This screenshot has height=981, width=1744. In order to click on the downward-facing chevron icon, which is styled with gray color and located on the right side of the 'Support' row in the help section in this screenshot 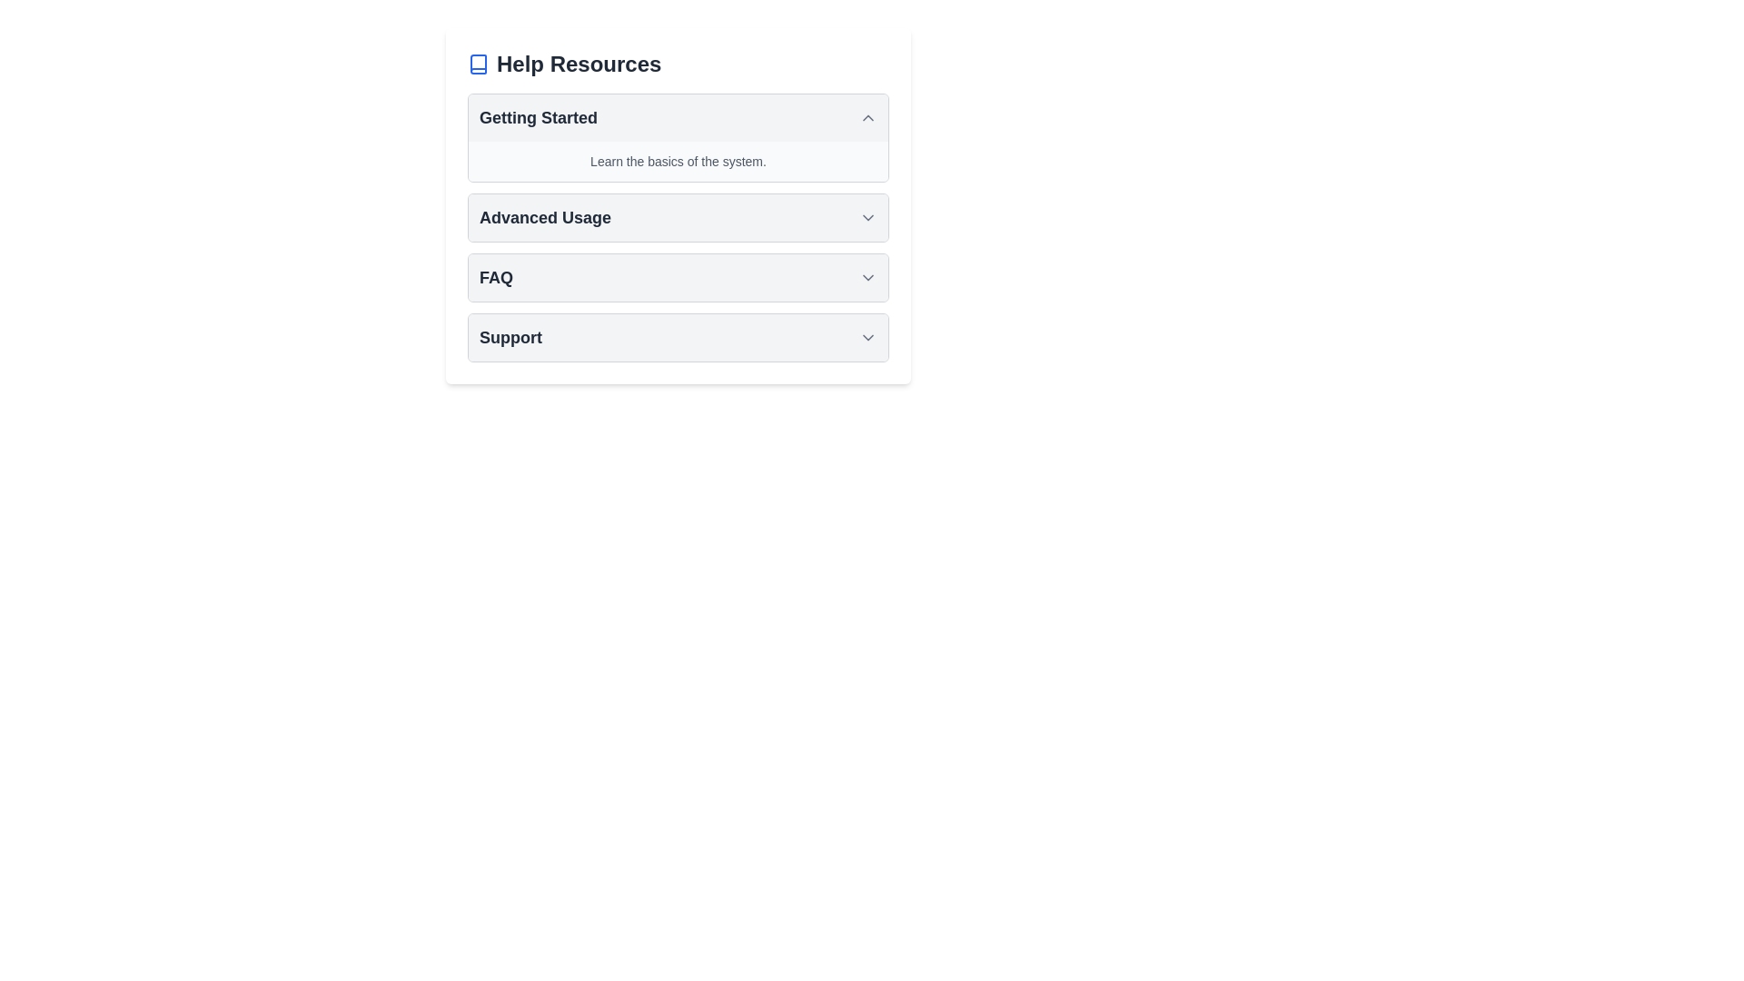, I will do `click(867, 337)`.